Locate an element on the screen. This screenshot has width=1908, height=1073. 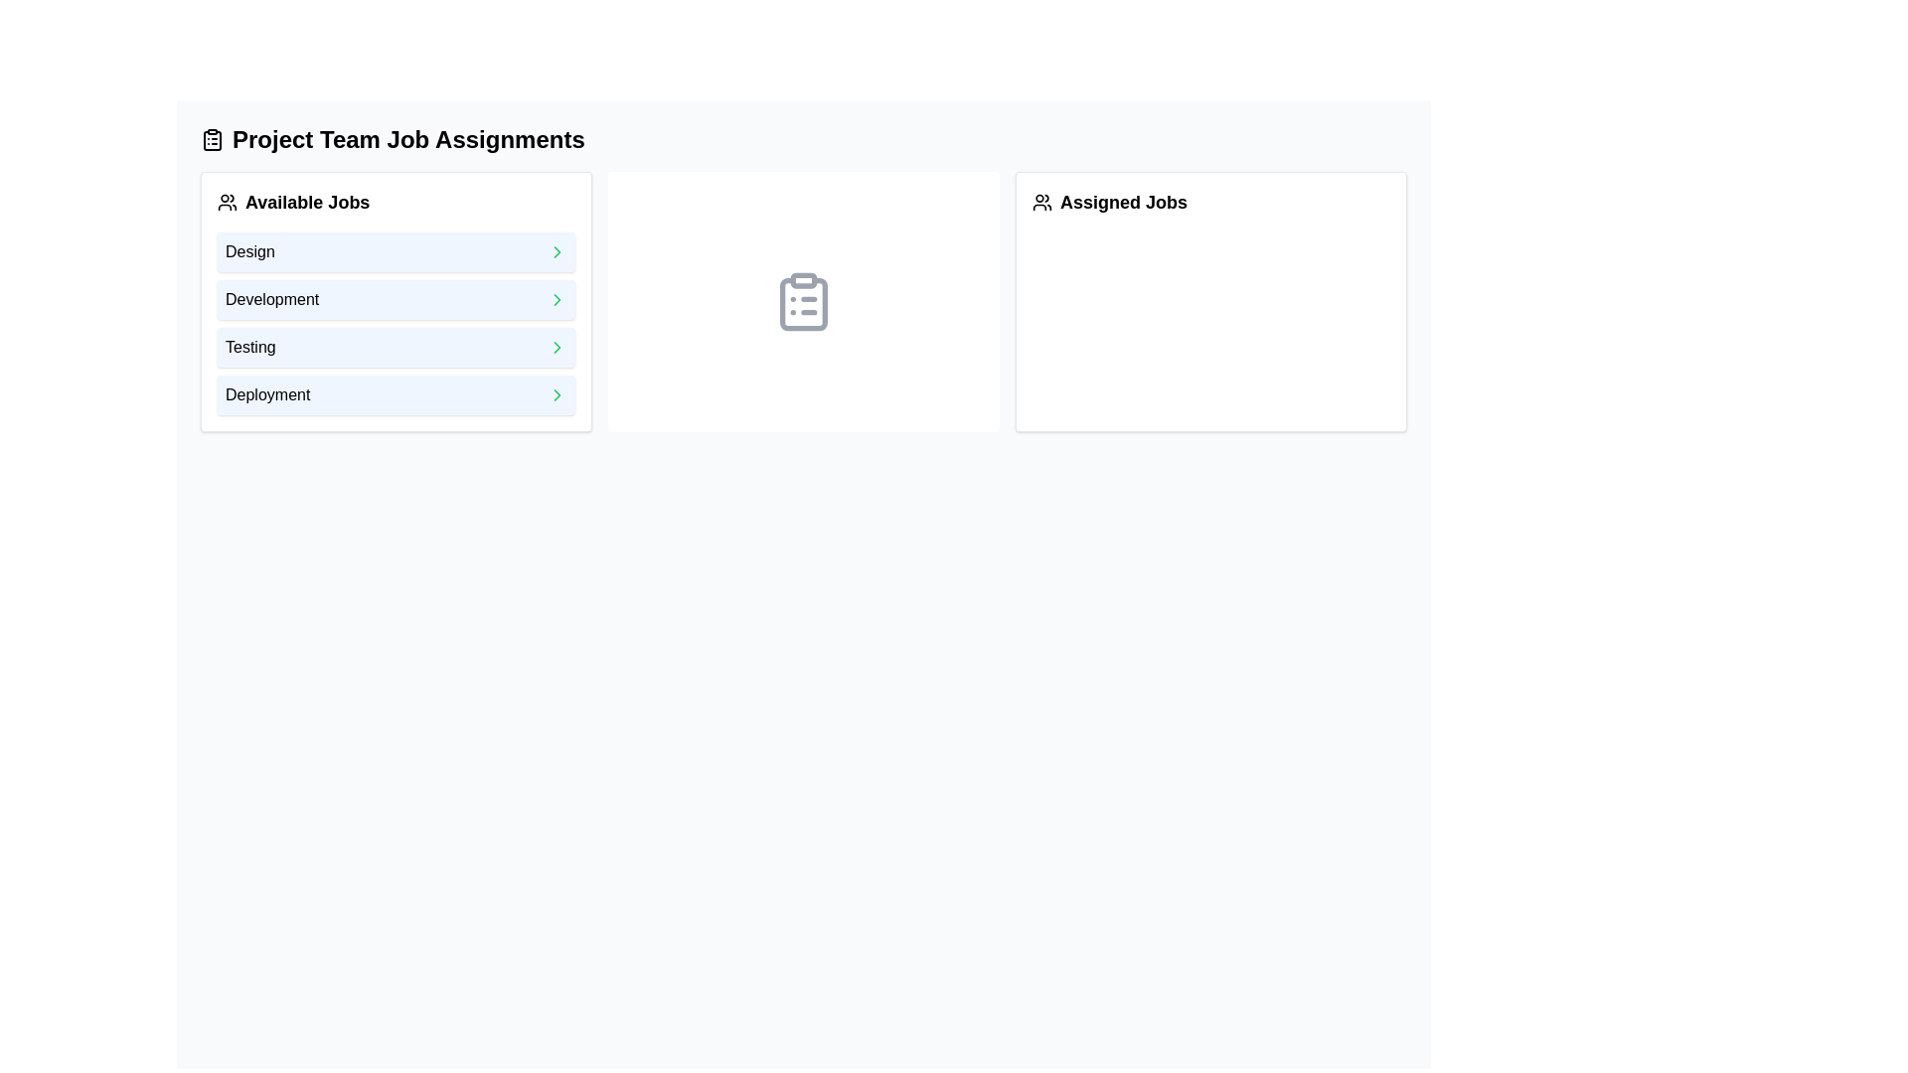
the chevron icon located to the right of the 'Testing' text in the 'Available Jobs' list, which indicates that the 'Testing' job entry can be expanded or selected for more details is located at coordinates (556, 347).